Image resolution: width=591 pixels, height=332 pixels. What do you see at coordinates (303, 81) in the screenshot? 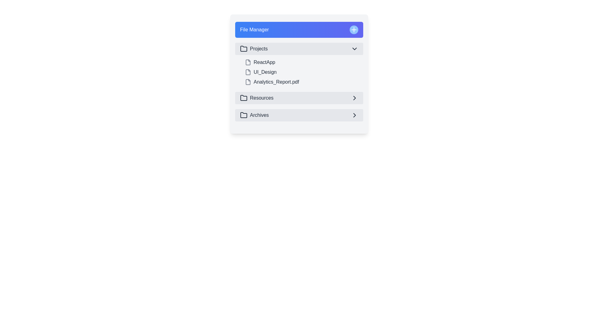
I see `the 'Analytics_Report.pdf' file list item, which is the third item under the 'Projects' section` at bounding box center [303, 81].